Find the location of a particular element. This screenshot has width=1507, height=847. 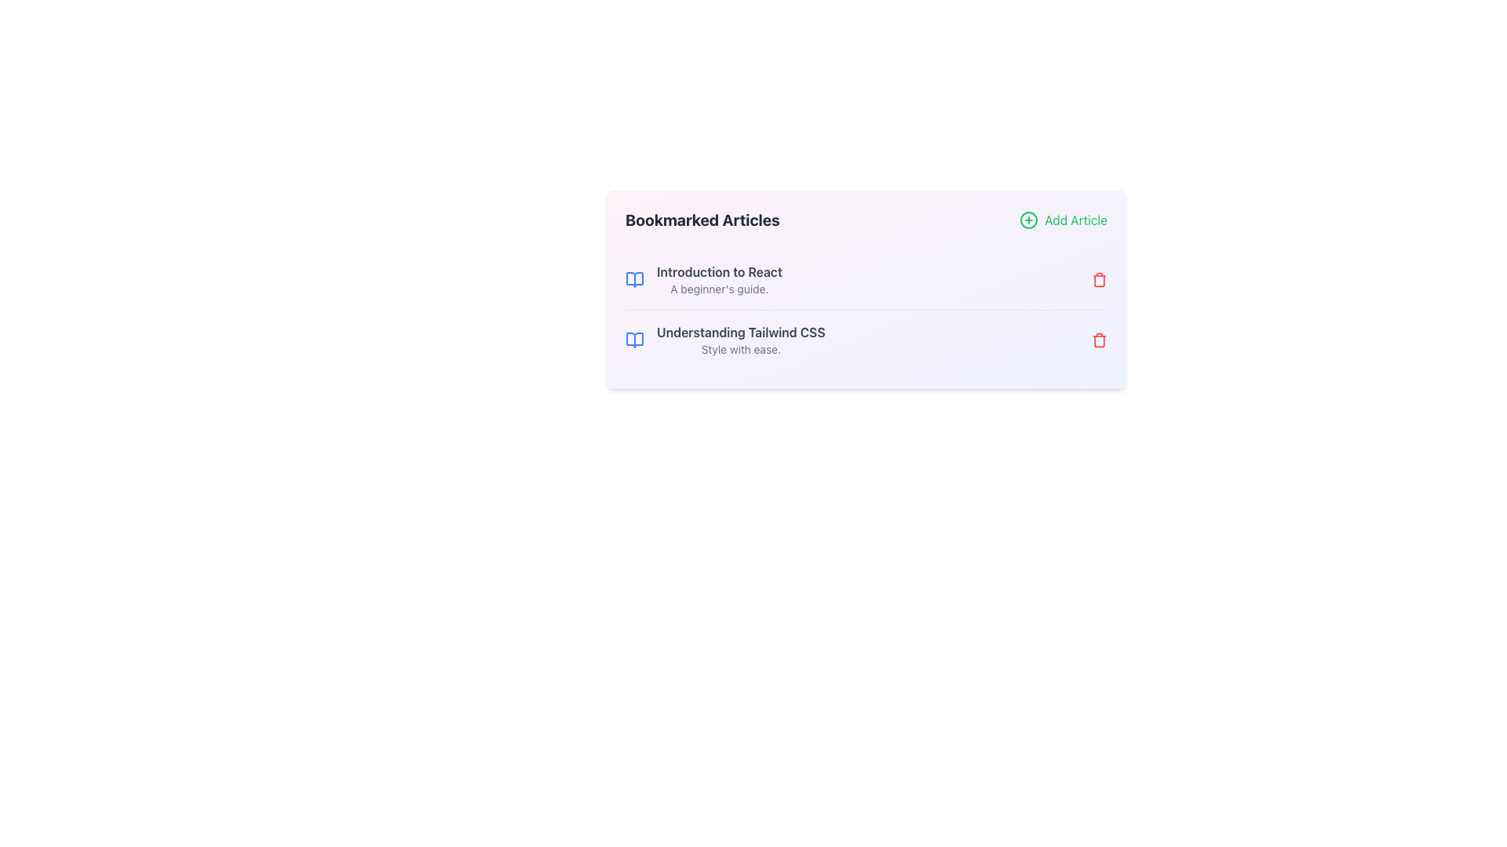

the second item in the 'Bookmarked Articles' list, which represents a bookmarked article is located at coordinates (724, 340).